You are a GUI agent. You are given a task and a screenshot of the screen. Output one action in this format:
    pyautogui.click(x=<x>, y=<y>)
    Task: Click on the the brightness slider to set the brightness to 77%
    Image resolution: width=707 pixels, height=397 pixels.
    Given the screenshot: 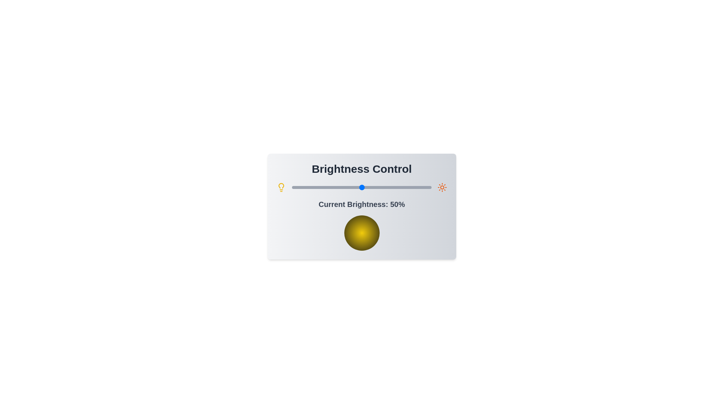 What is the action you would take?
    pyautogui.click(x=399, y=187)
    